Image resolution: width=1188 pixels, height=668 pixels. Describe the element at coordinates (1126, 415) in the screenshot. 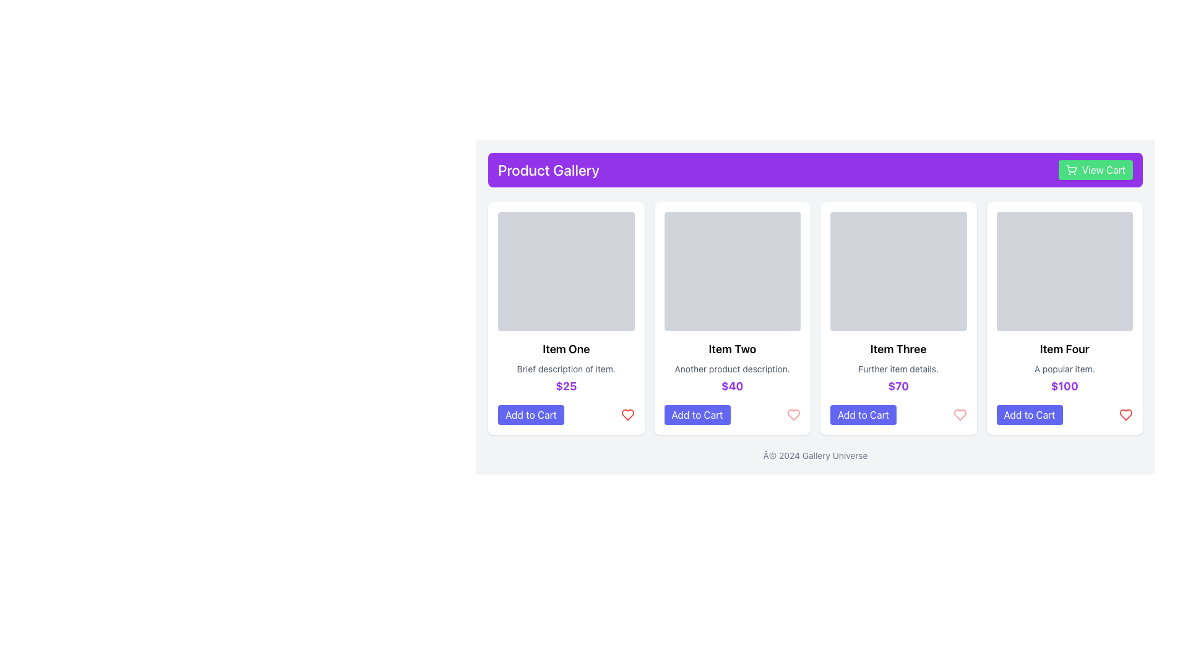

I see `the heart icon located in the bottom-right corner of the fourth product card to mark the product as a favorite` at that location.